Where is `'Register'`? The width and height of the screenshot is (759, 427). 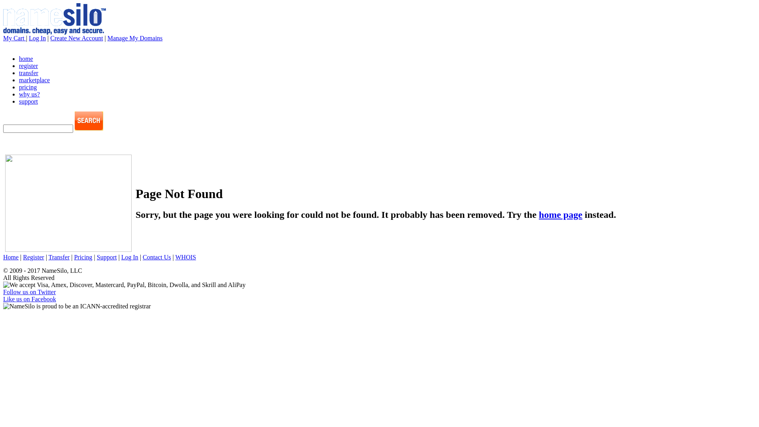
'Register' is located at coordinates (33, 257).